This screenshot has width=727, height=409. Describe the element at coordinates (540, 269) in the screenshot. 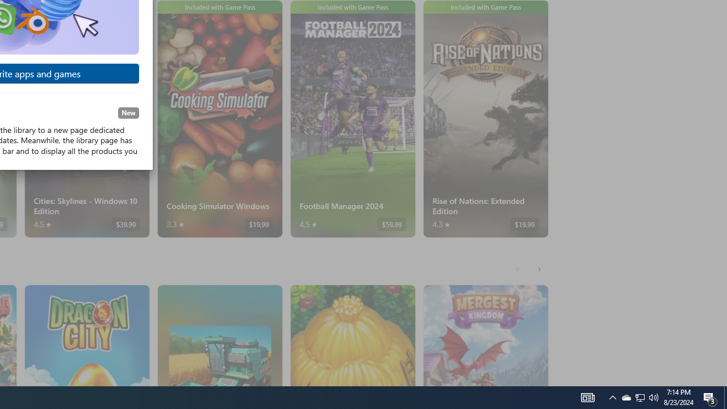

I see `'AutomationID: RightScrollButton'` at that location.